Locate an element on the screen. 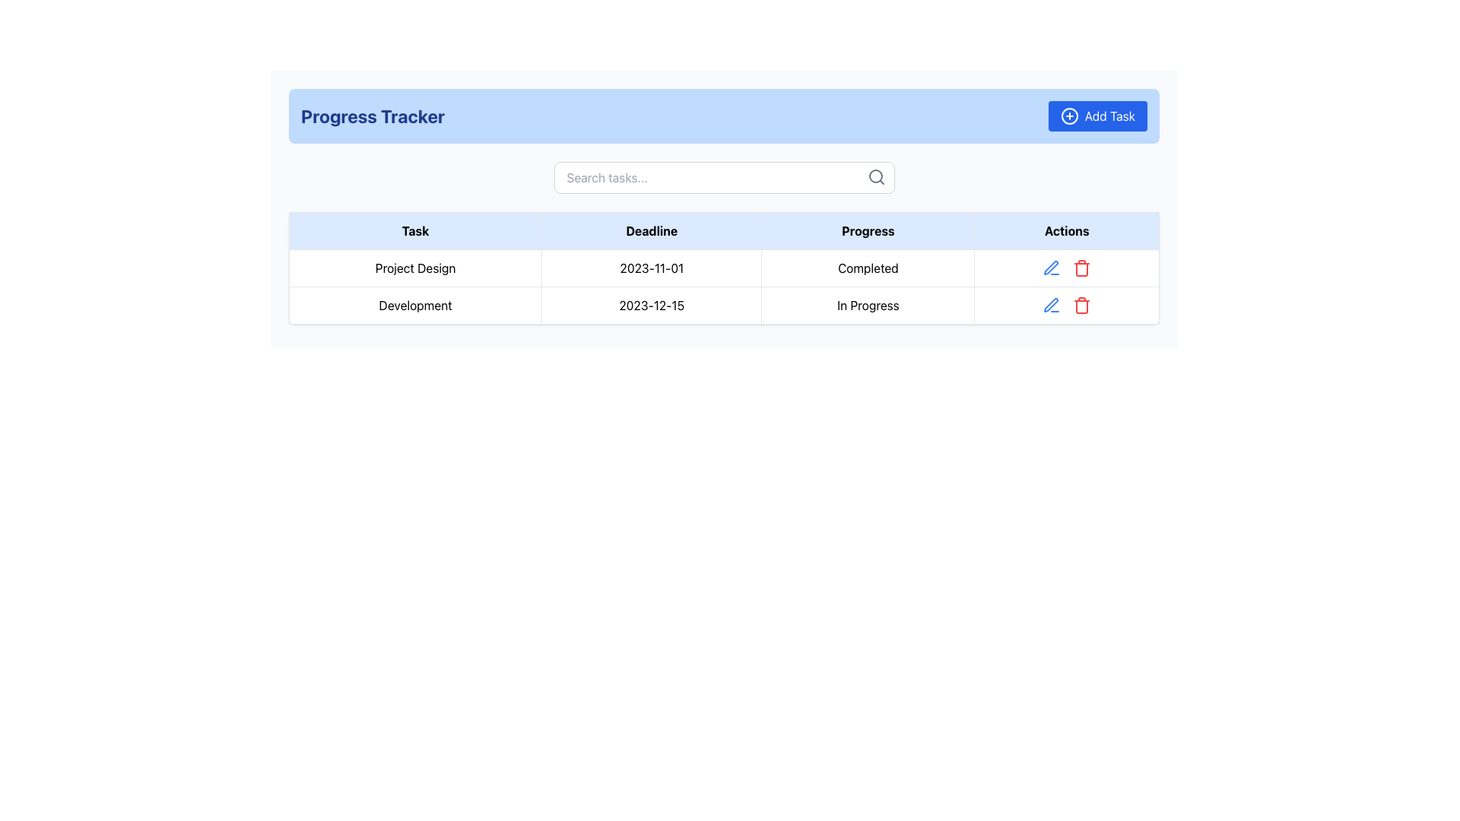 This screenshot has height=821, width=1460. the icon that represents the action of adding a task, located to the left of the 'Add Task' button is located at coordinates (1068, 116).